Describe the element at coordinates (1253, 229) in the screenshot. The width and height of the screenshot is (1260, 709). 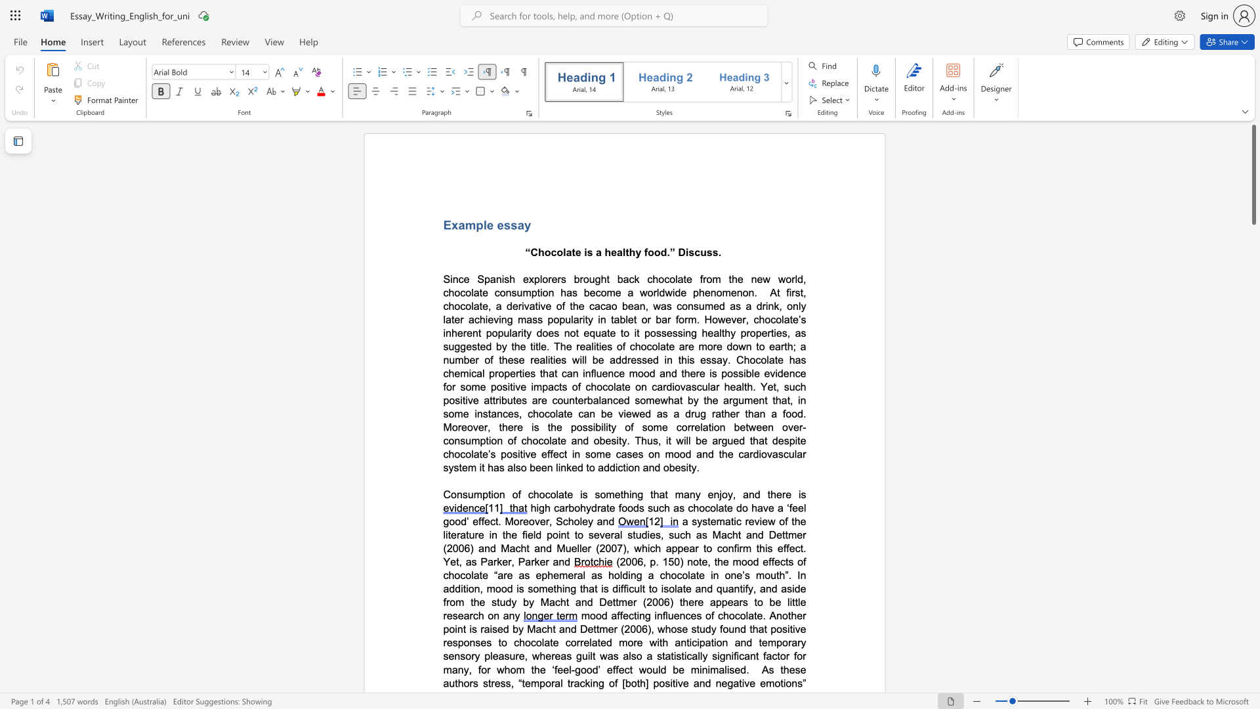
I see `the scrollbar to scroll the page down` at that location.